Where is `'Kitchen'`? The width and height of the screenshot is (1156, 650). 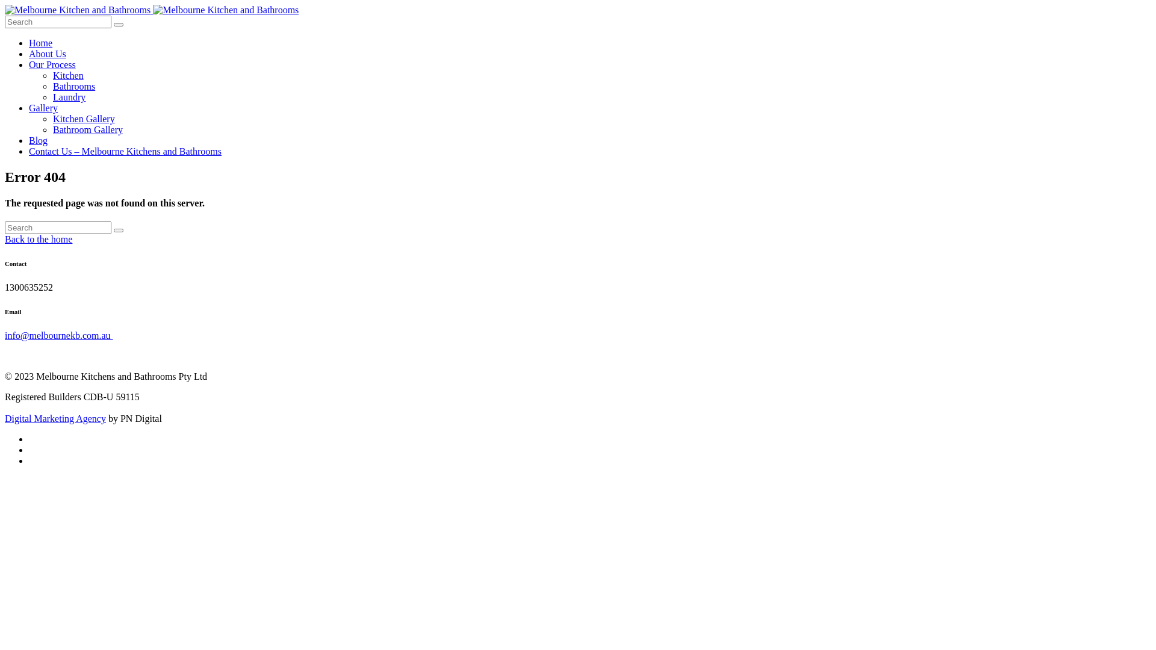
'Kitchen' is located at coordinates (52, 75).